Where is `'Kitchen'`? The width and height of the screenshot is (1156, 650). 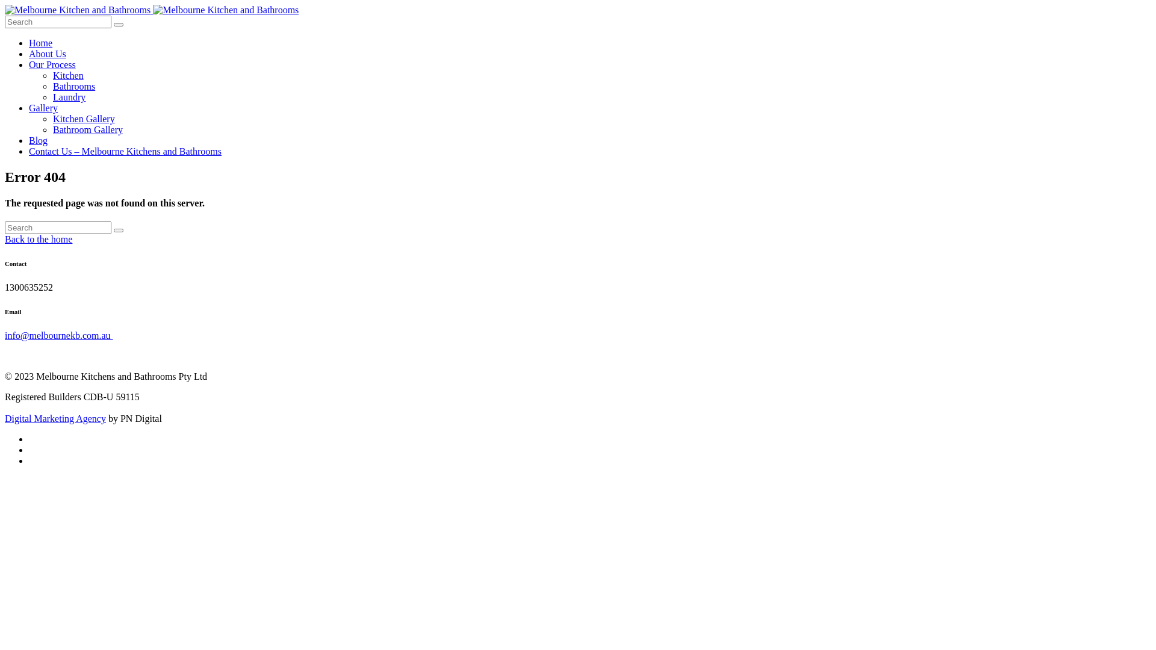
'Kitchen' is located at coordinates (52, 75).